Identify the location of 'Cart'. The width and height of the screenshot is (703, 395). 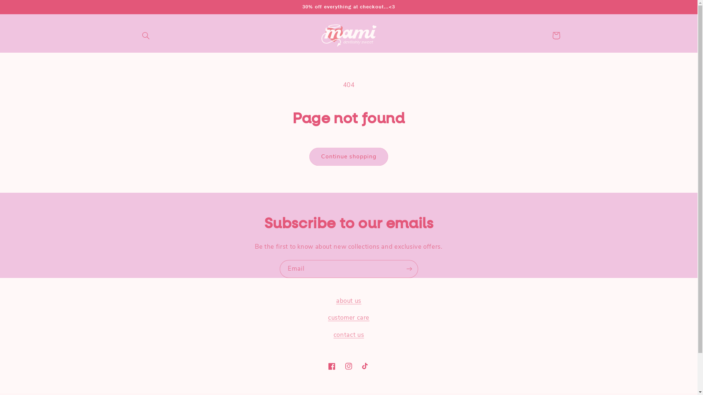
(548, 35).